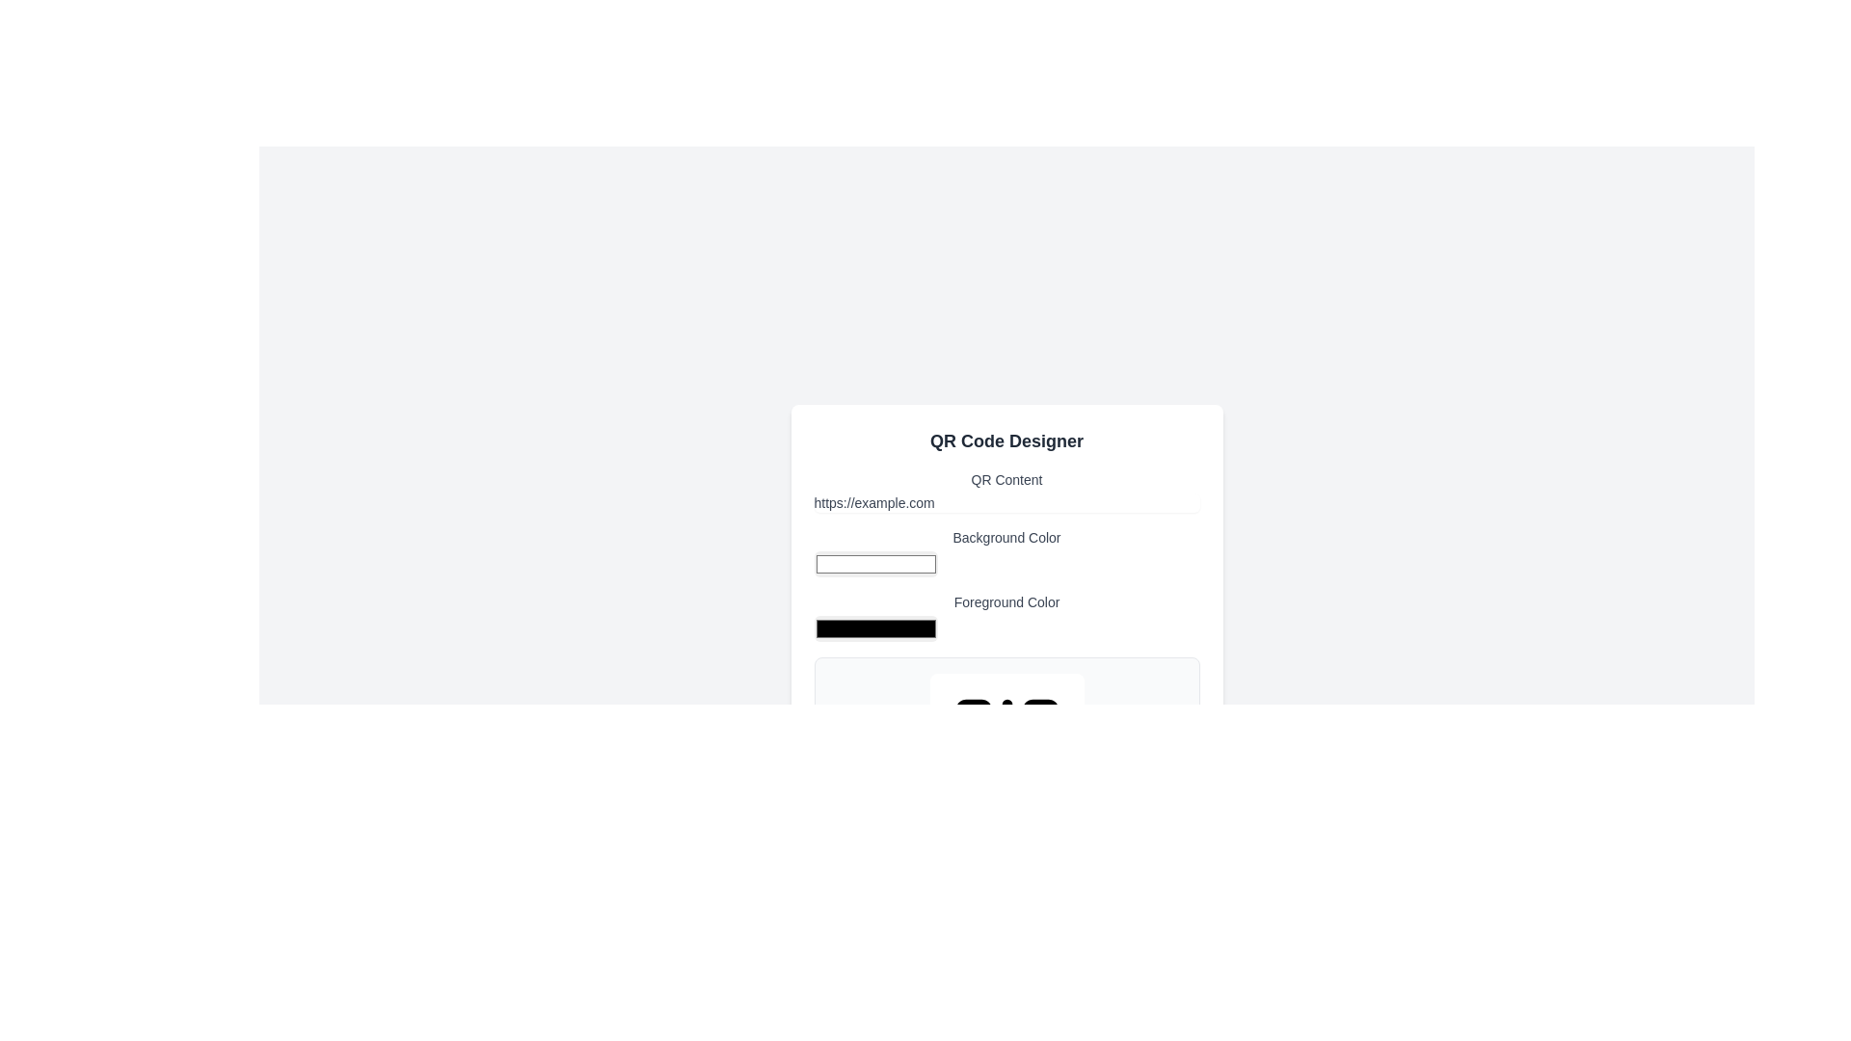 The height and width of the screenshot is (1041, 1851). What do you see at coordinates (874, 564) in the screenshot?
I see `the Color input field located below the 'Background Color' label` at bounding box center [874, 564].